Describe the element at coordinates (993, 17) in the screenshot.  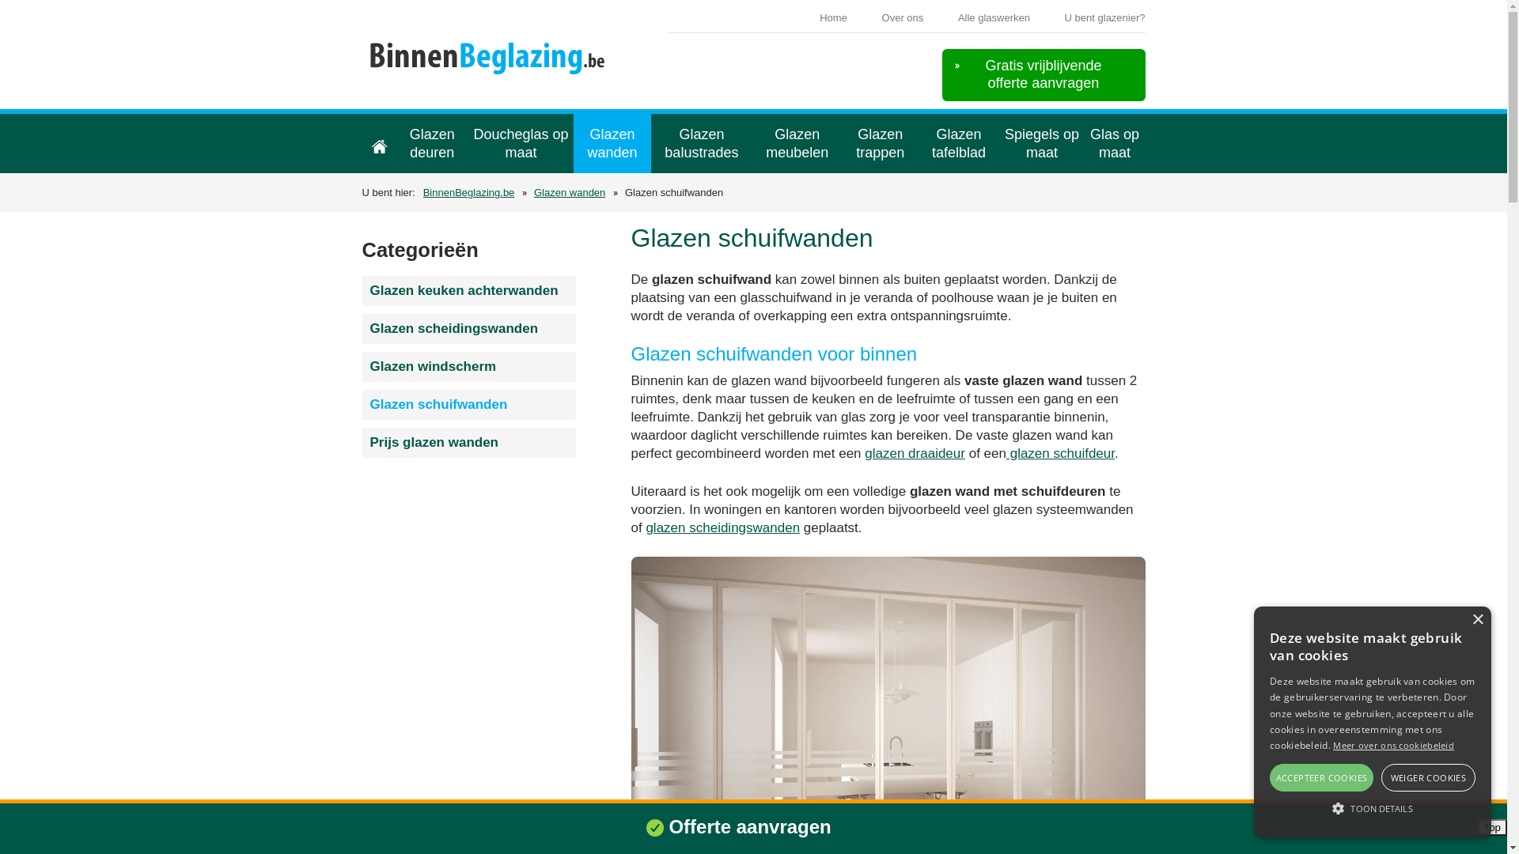
I see `'Alle glaswerken'` at that location.